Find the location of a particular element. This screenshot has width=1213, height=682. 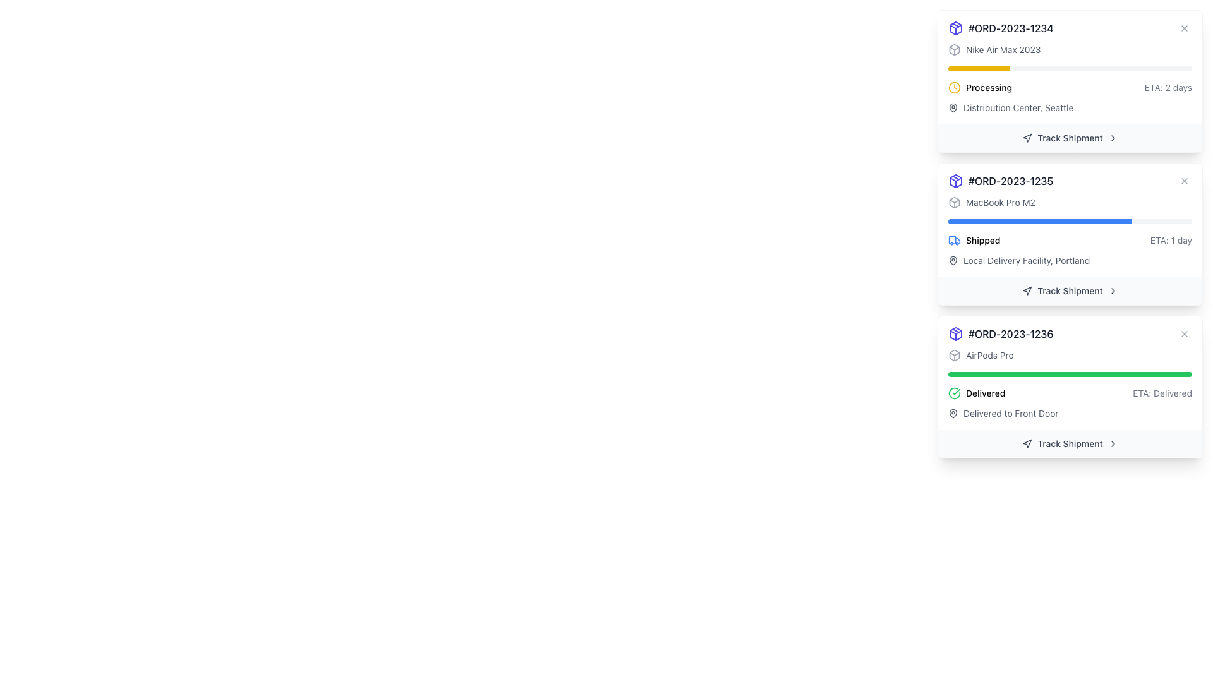

the close button located in the top-right corner of the card titled '#ORD-2023-1234' is located at coordinates (1184, 28).